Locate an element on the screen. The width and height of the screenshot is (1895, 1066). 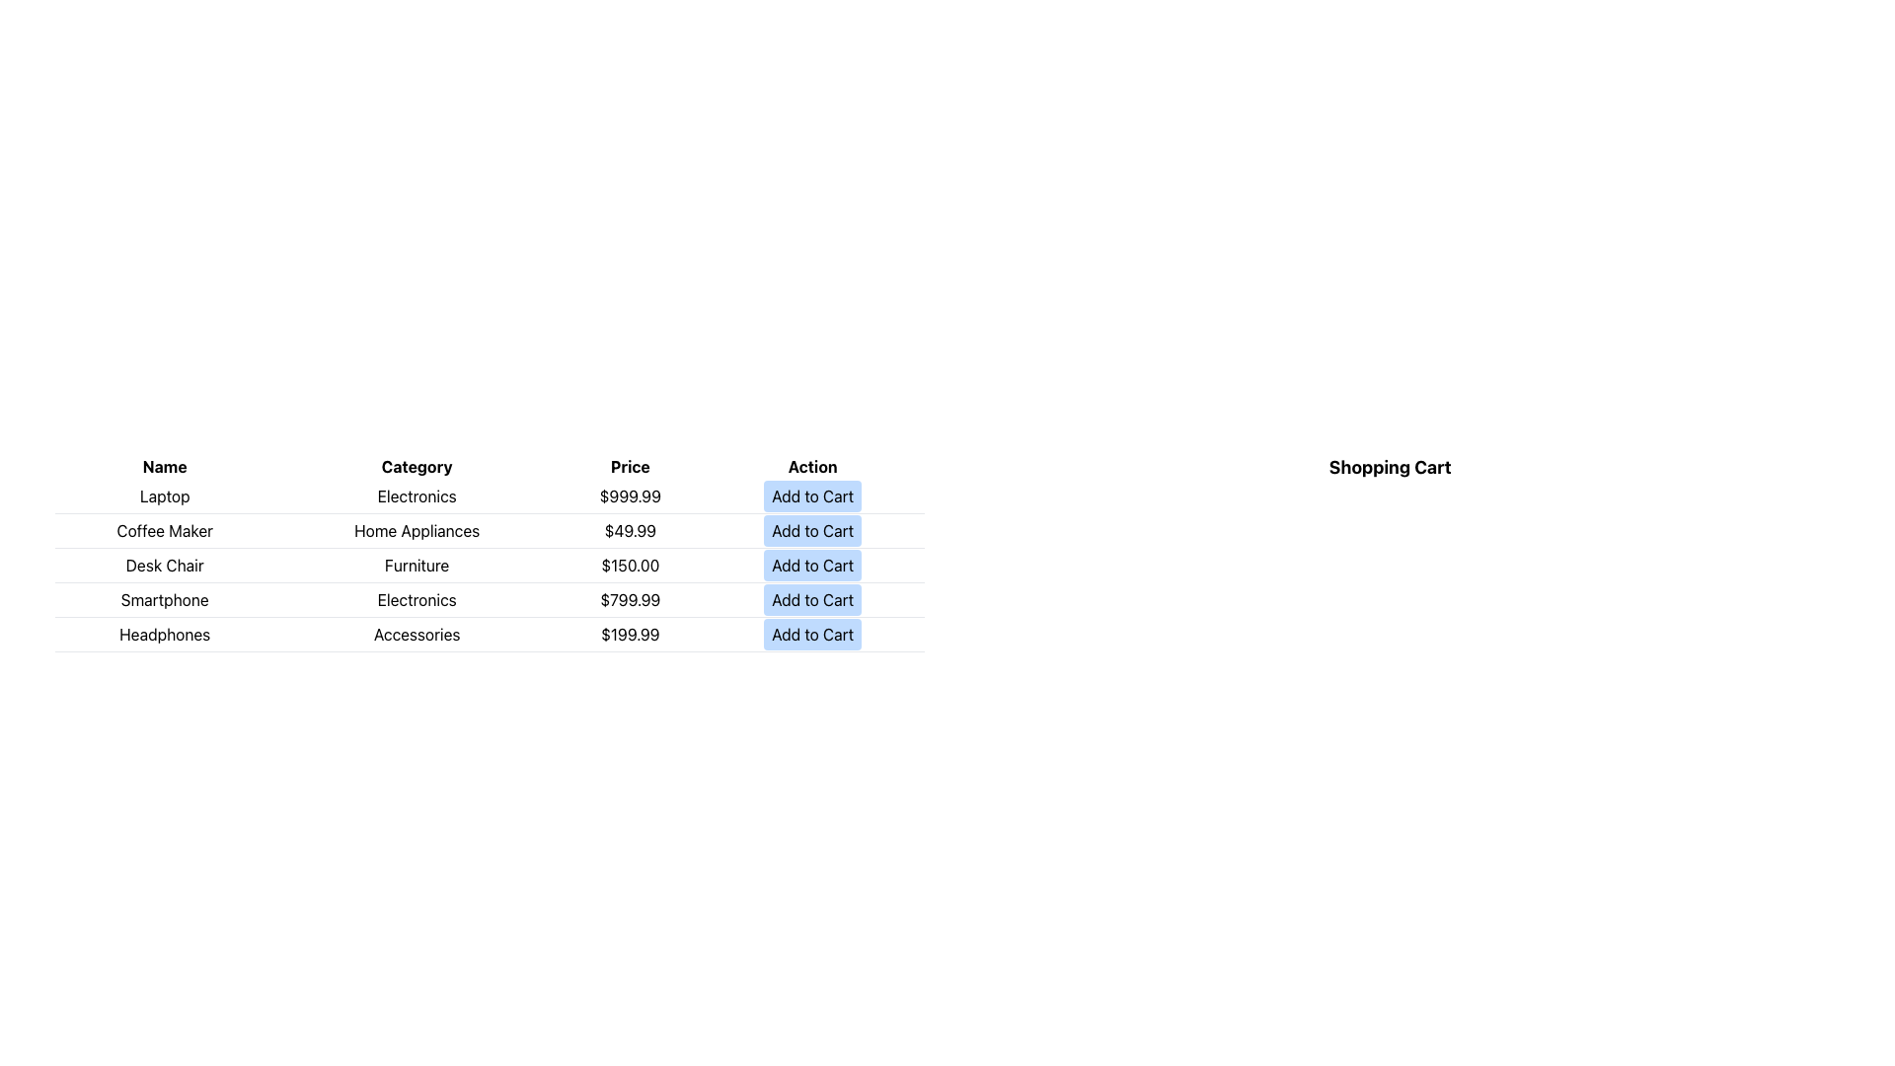
the button that adds 'Coffee Maker' to the shopping cart, which is the second button in the vertical list within the 'Action' column of the table is located at coordinates (812, 529).